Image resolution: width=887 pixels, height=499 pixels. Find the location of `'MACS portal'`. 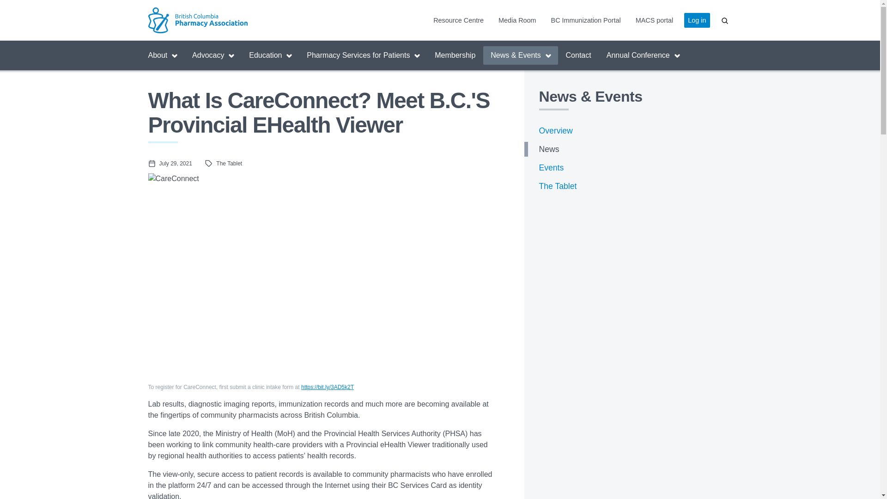

'MACS portal' is located at coordinates (654, 20).